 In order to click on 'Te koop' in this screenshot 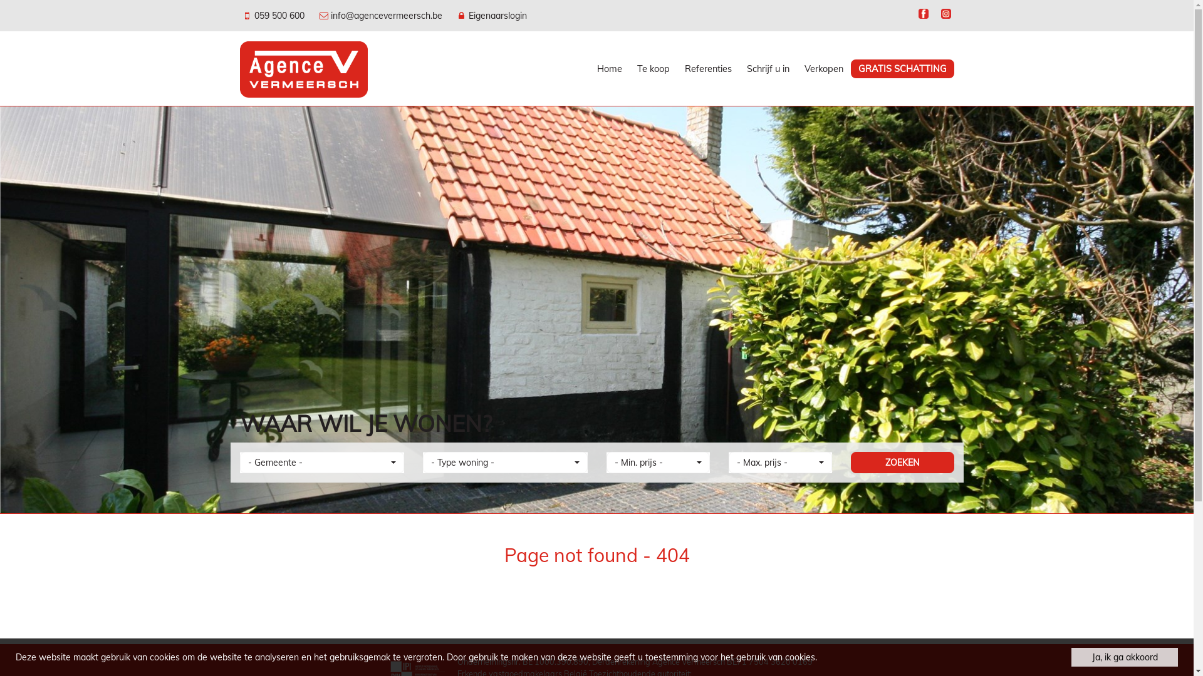, I will do `click(628, 69)`.